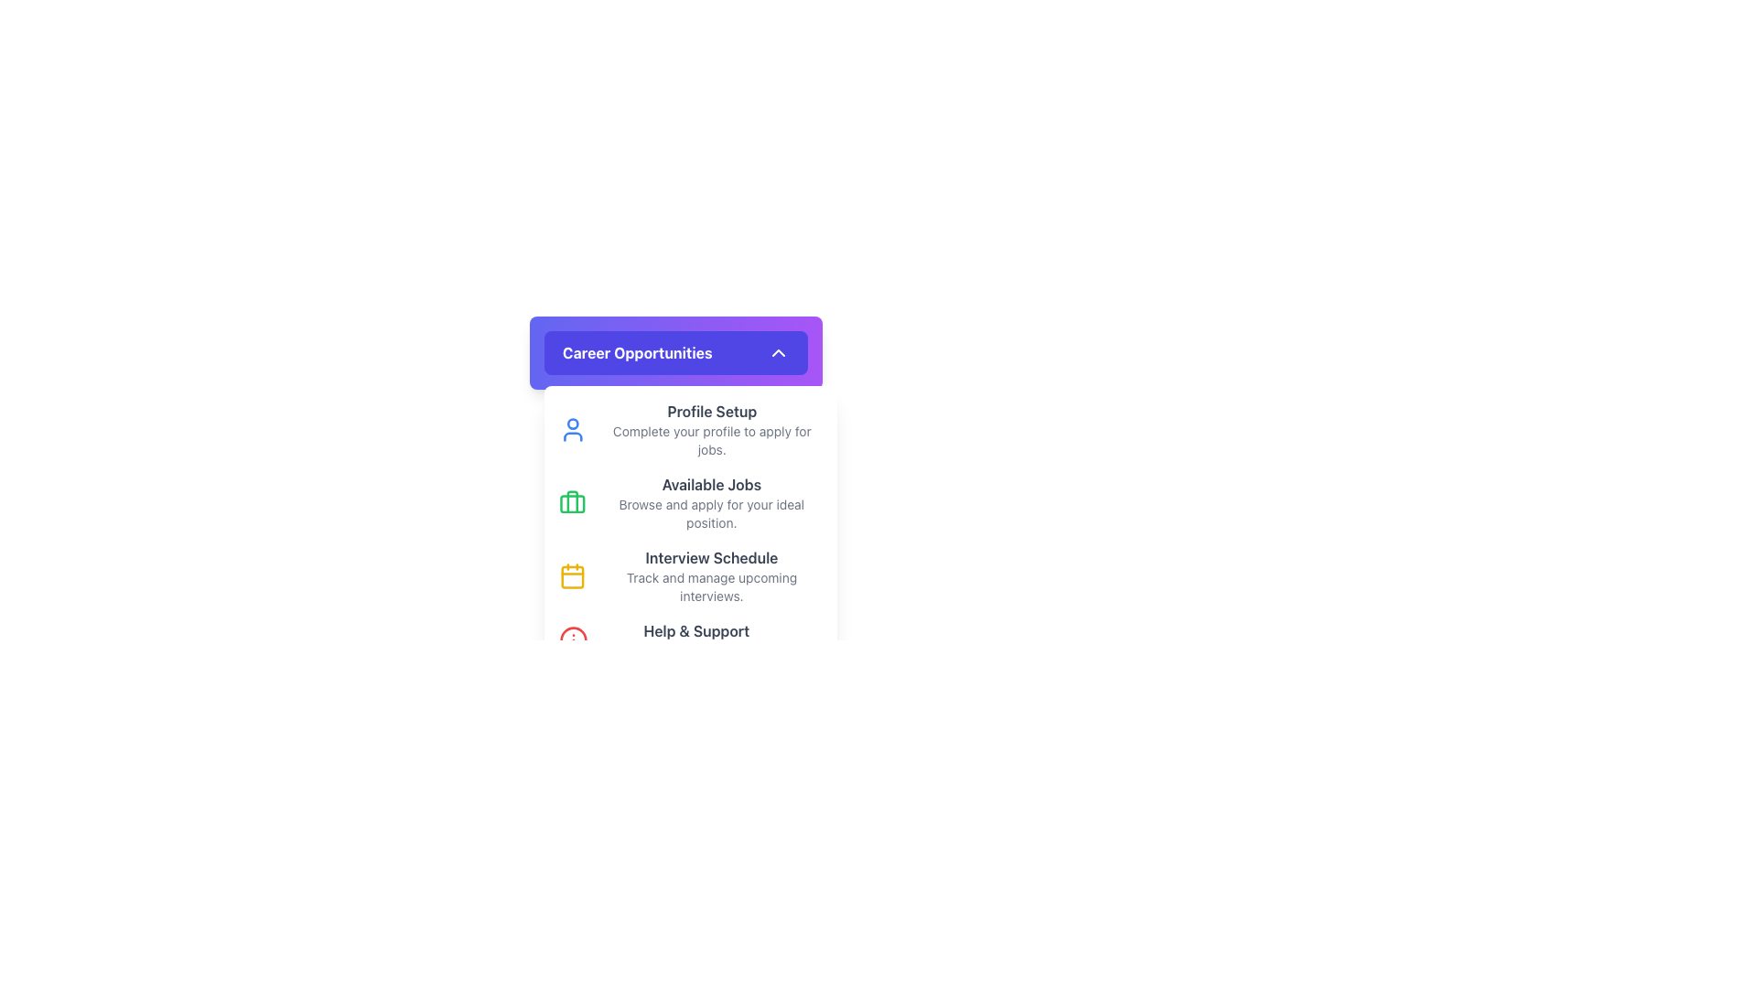  I want to click on the 'Available Jobs' navigational link, which features a bold text label and a briefcase icon to its left, so click(689, 503).